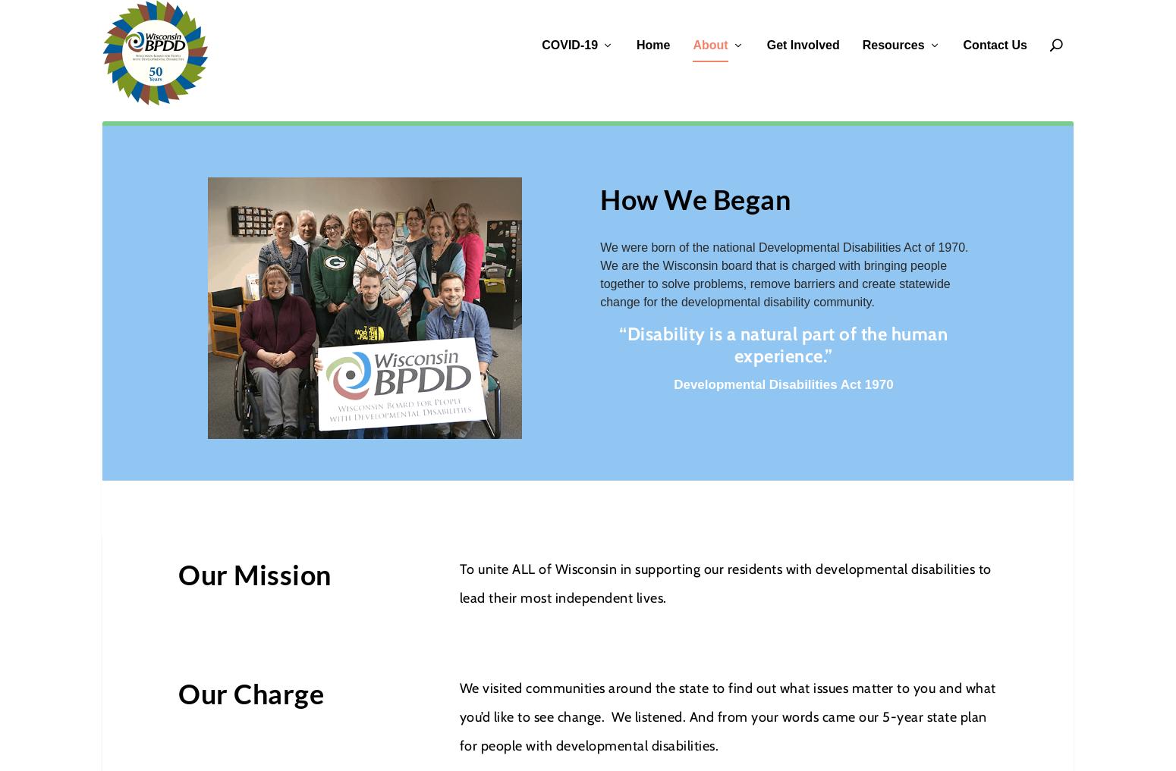 The width and height of the screenshot is (1176, 771). What do you see at coordinates (709, 45) in the screenshot?
I see `'About'` at bounding box center [709, 45].